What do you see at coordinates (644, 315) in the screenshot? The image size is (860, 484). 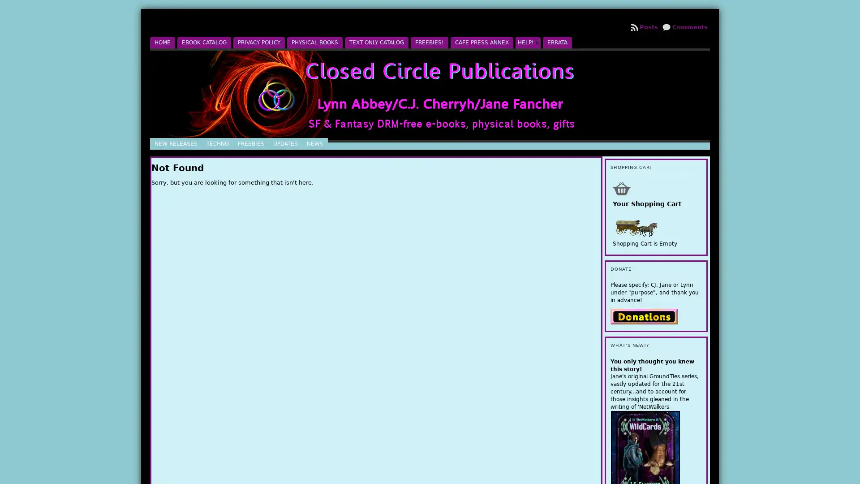 I see `PayPal - The safer, easier way to pay online.` at bounding box center [644, 315].